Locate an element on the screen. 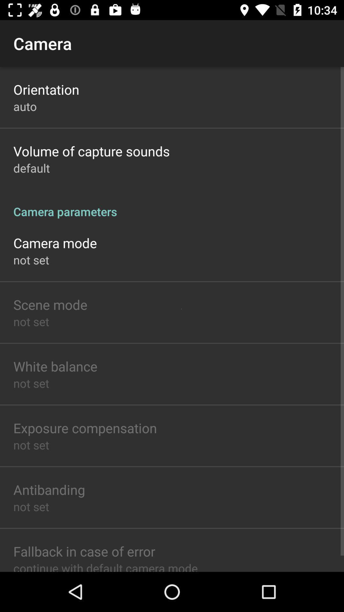  app below the not set is located at coordinates (50, 304).